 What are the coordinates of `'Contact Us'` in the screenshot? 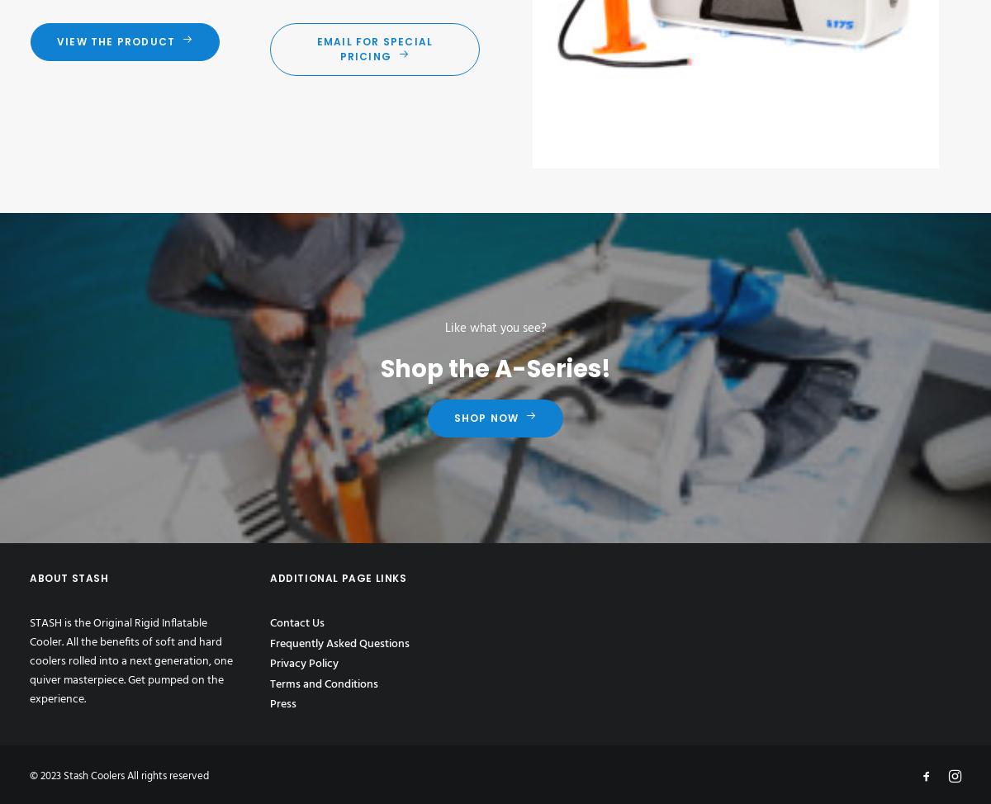 It's located at (297, 622).